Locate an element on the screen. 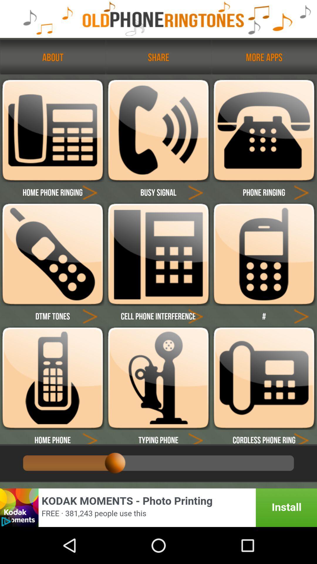 This screenshot has width=317, height=564. phone ringing is located at coordinates (301, 192).